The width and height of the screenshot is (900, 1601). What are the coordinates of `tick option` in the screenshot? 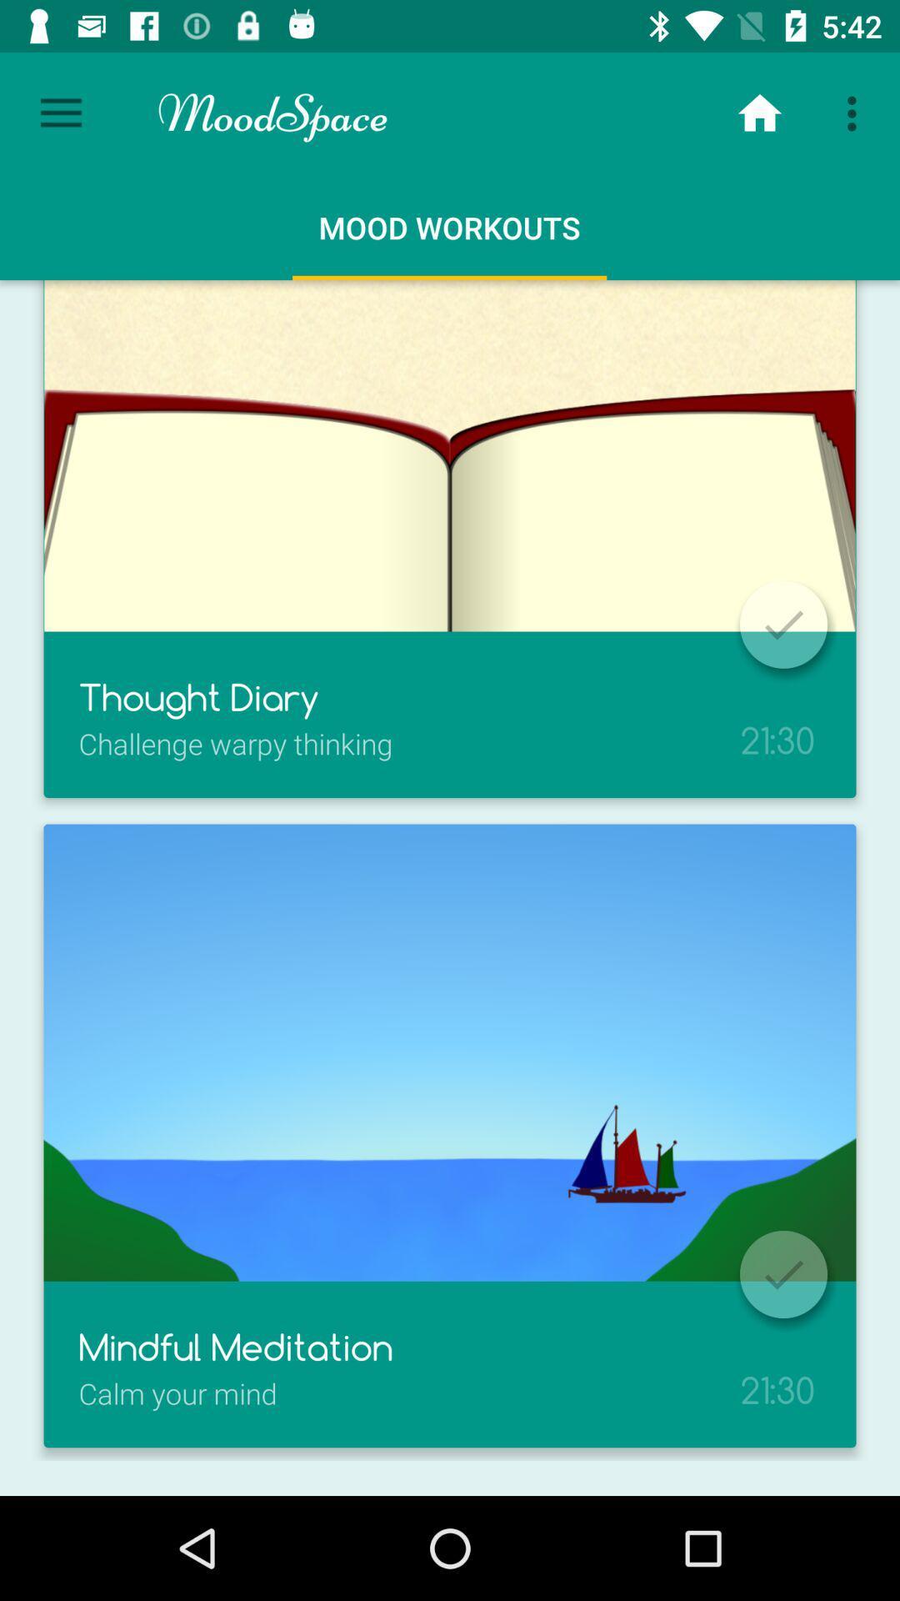 It's located at (783, 1273).